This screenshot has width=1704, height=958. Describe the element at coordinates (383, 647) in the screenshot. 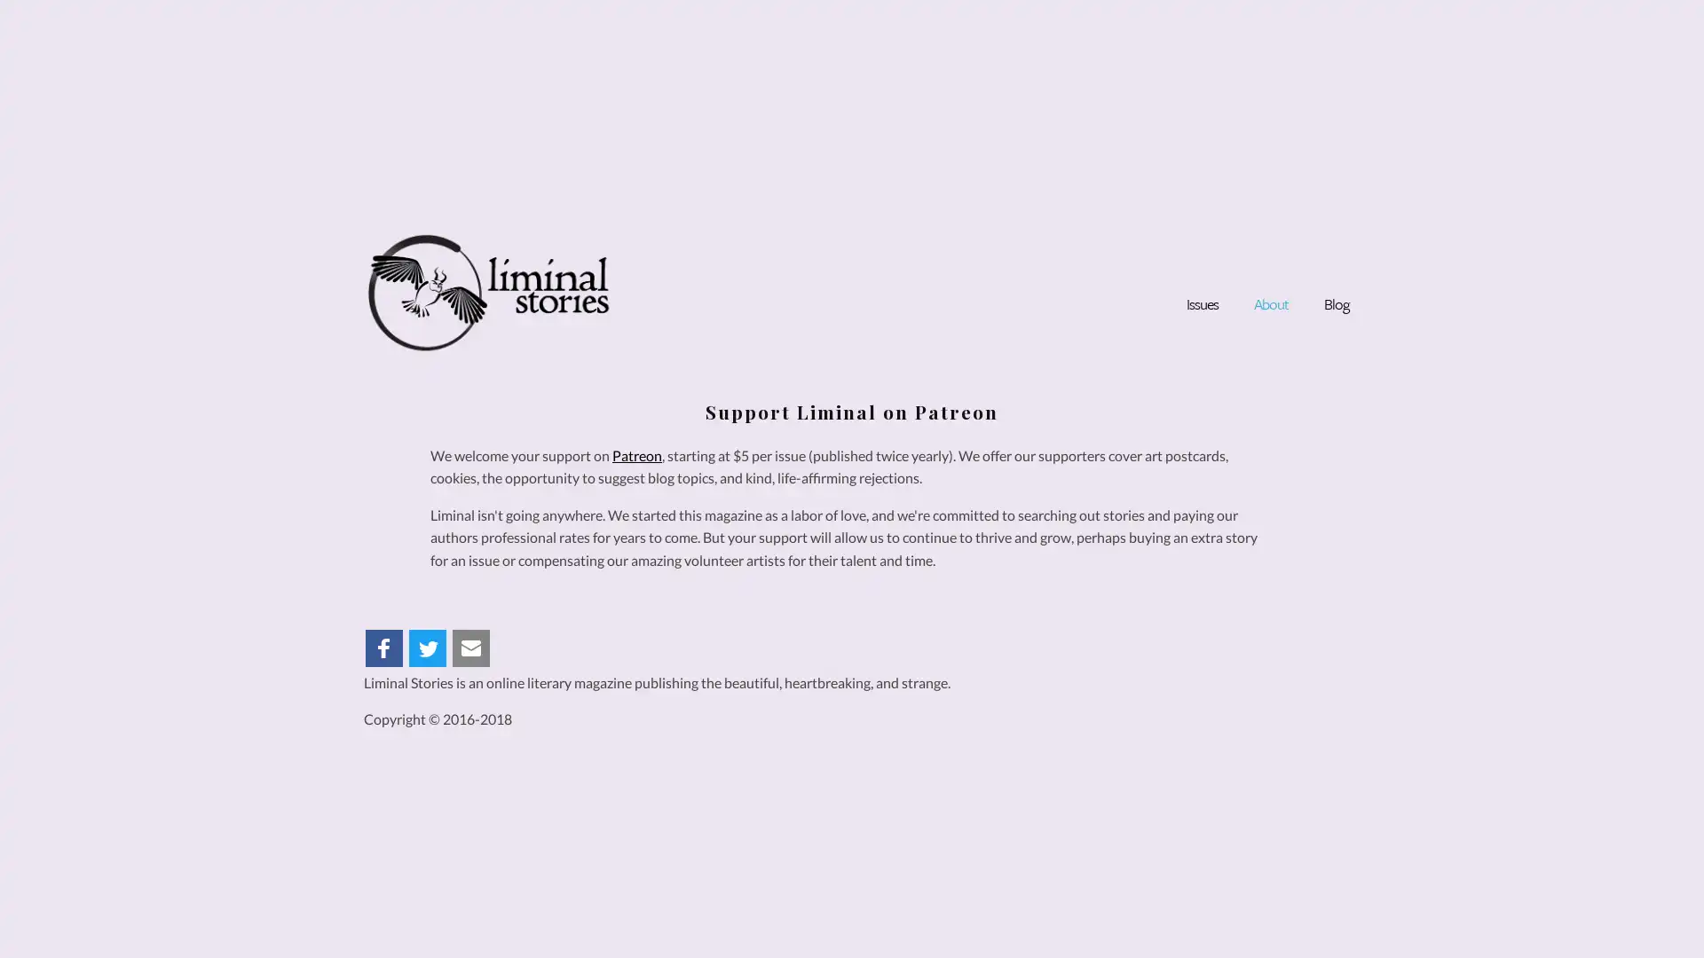

I see `Share to Facebook` at that location.